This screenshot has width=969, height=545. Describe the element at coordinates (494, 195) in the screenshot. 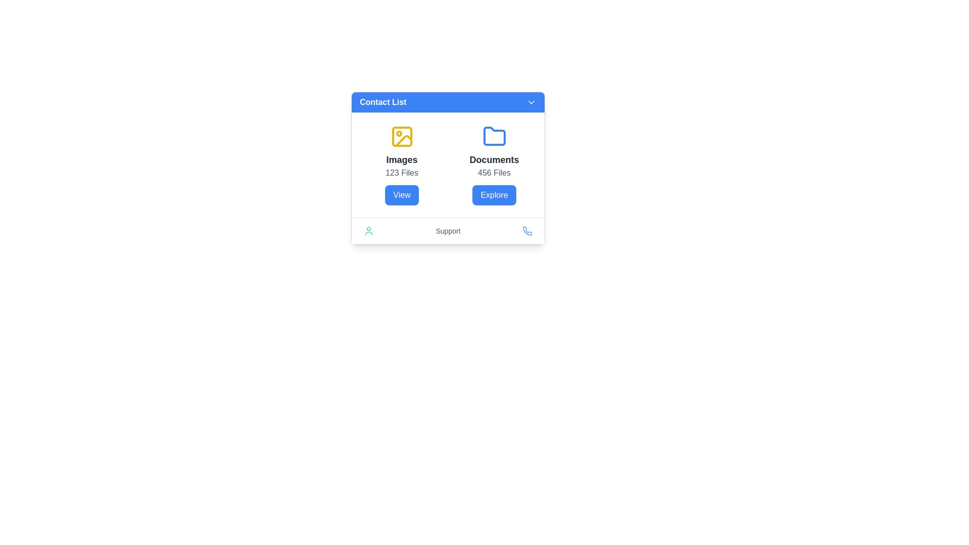

I see `the blue rectangular button labeled 'Explore' located in the bottom right corner of the 'Documents' section to trigger the hover effect that darkens its color` at that location.